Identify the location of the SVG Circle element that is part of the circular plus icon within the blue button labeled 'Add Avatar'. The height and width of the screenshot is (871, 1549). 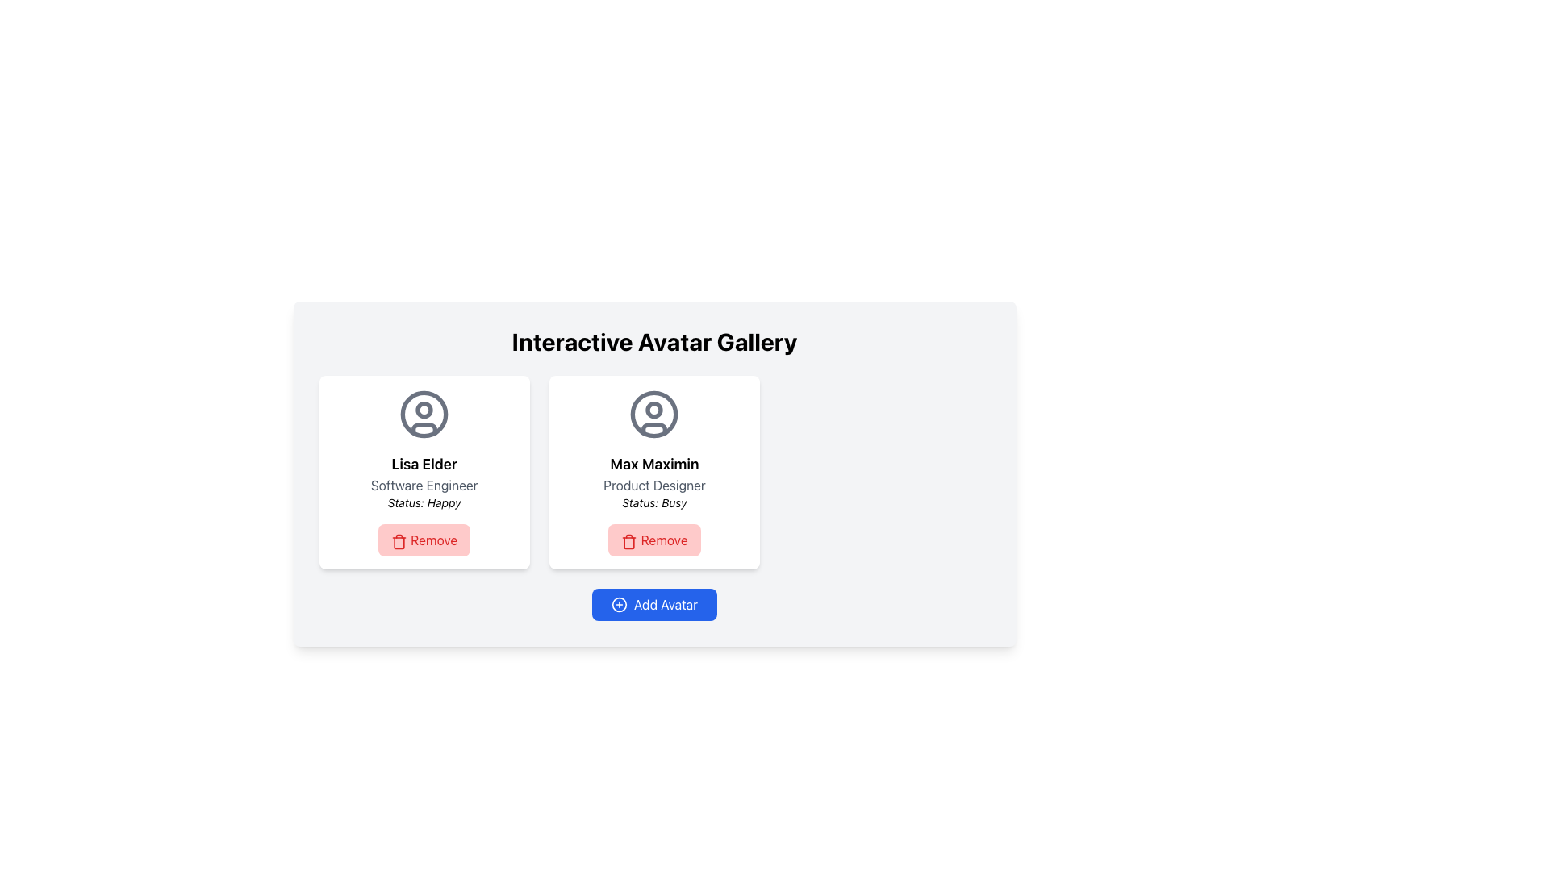
(619, 604).